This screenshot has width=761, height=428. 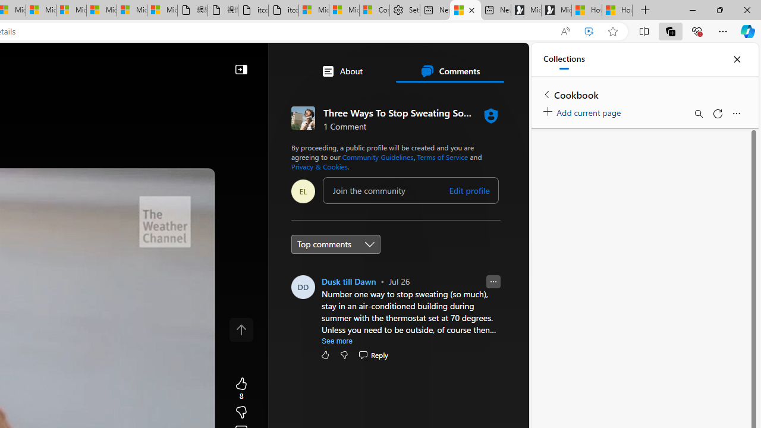 What do you see at coordinates (241, 330) in the screenshot?
I see `'Class: control icon-only'` at bounding box center [241, 330].